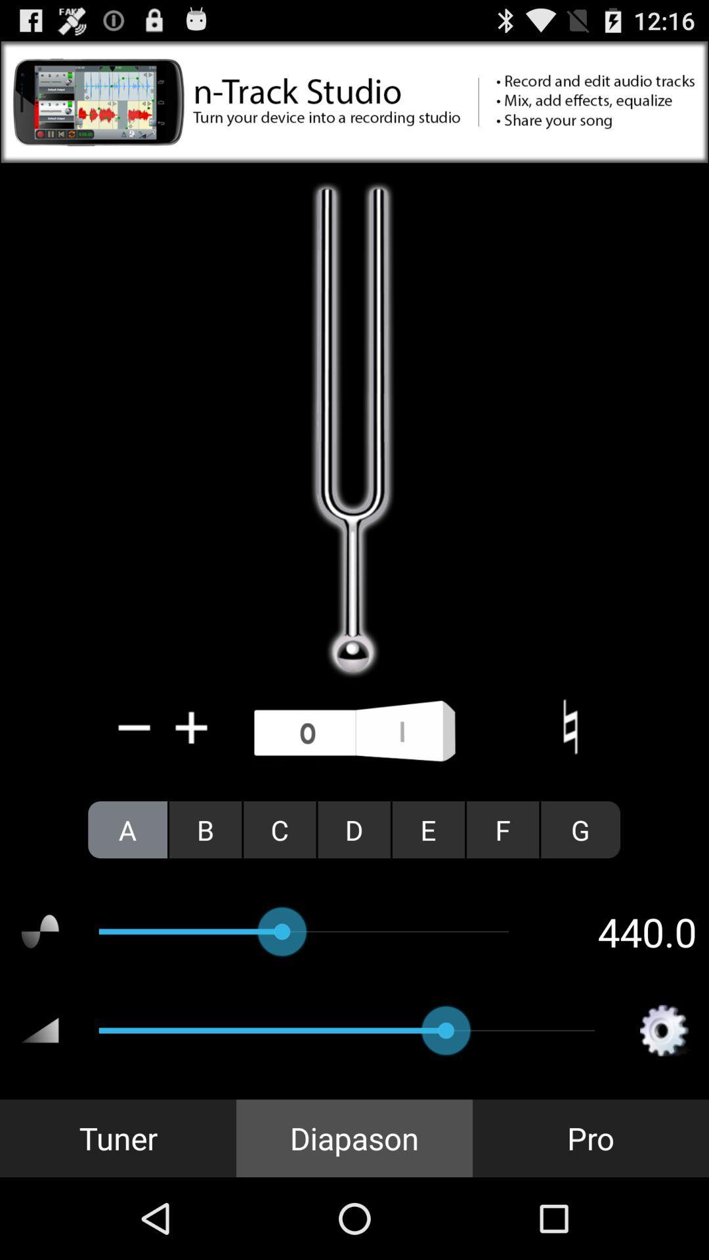 Image resolution: width=709 pixels, height=1260 pixels. I want to click on icon next to c icon, so click(205, 829).